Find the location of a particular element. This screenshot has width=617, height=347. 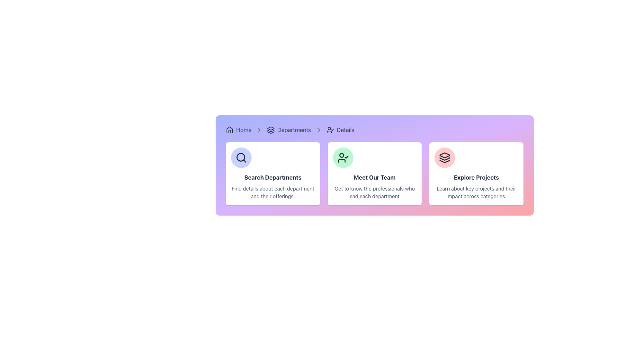

the user verification icon located within the second card titled 'Meet Our Team', which is centered inside a circular green background is located at coordinates (343, 157).